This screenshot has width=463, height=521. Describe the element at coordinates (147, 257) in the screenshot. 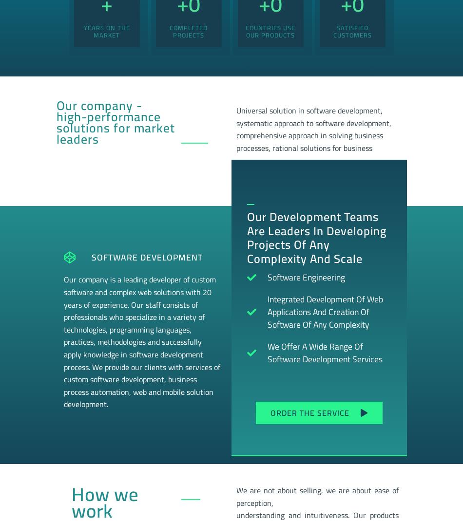

I see `'Software Development'` at that location.